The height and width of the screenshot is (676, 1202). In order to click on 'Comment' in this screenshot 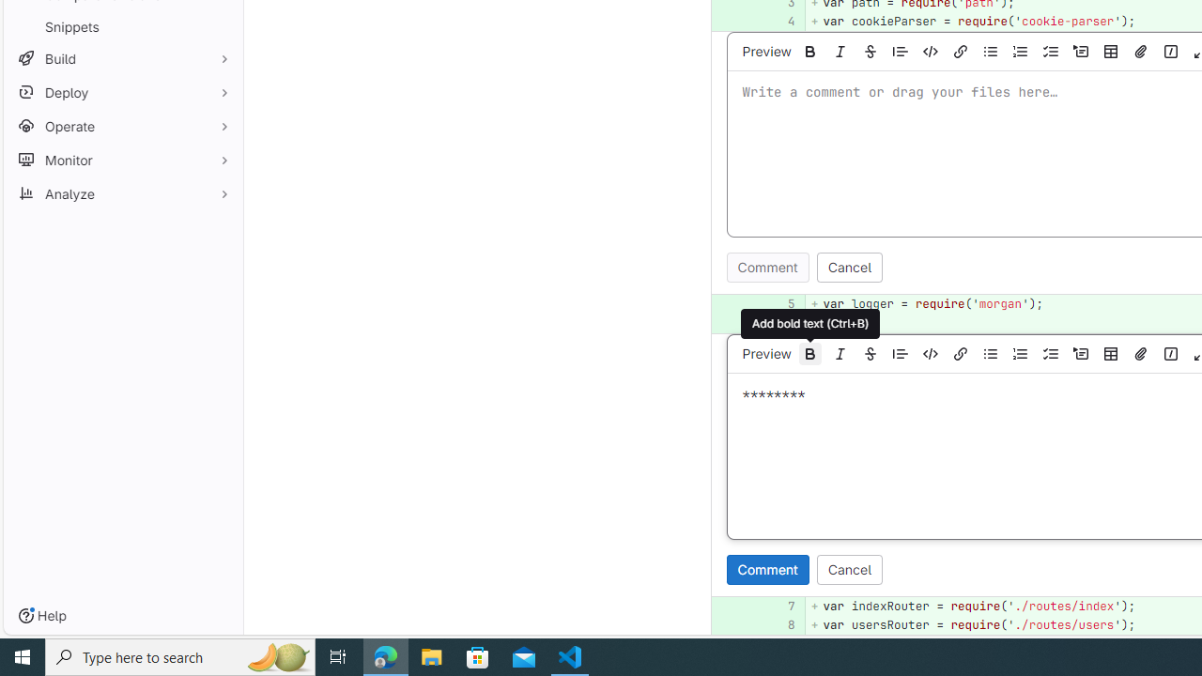, I will do `click(767, 568)`.